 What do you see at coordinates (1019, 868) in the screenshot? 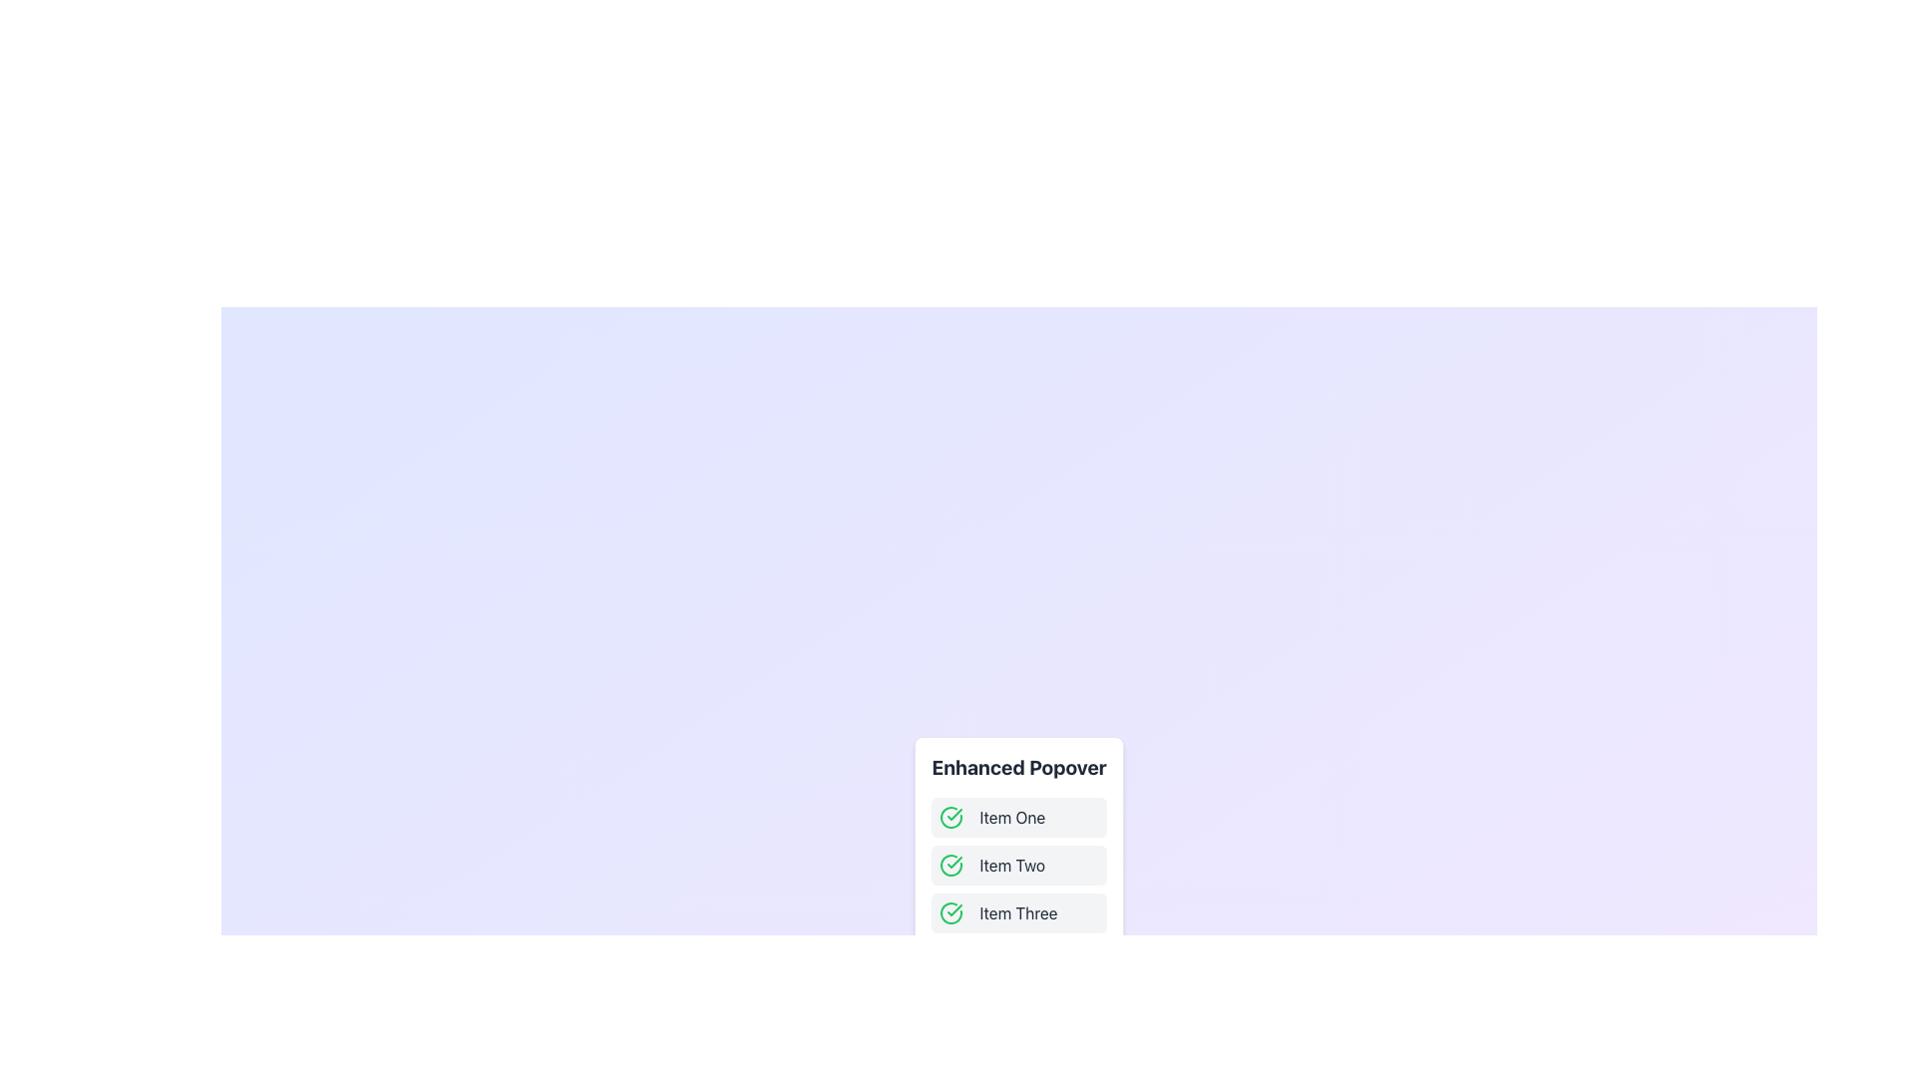
I see `the second item labeled 'Item Two' in the 'Enhanced Popover'` at bounding box center [1019, 868].